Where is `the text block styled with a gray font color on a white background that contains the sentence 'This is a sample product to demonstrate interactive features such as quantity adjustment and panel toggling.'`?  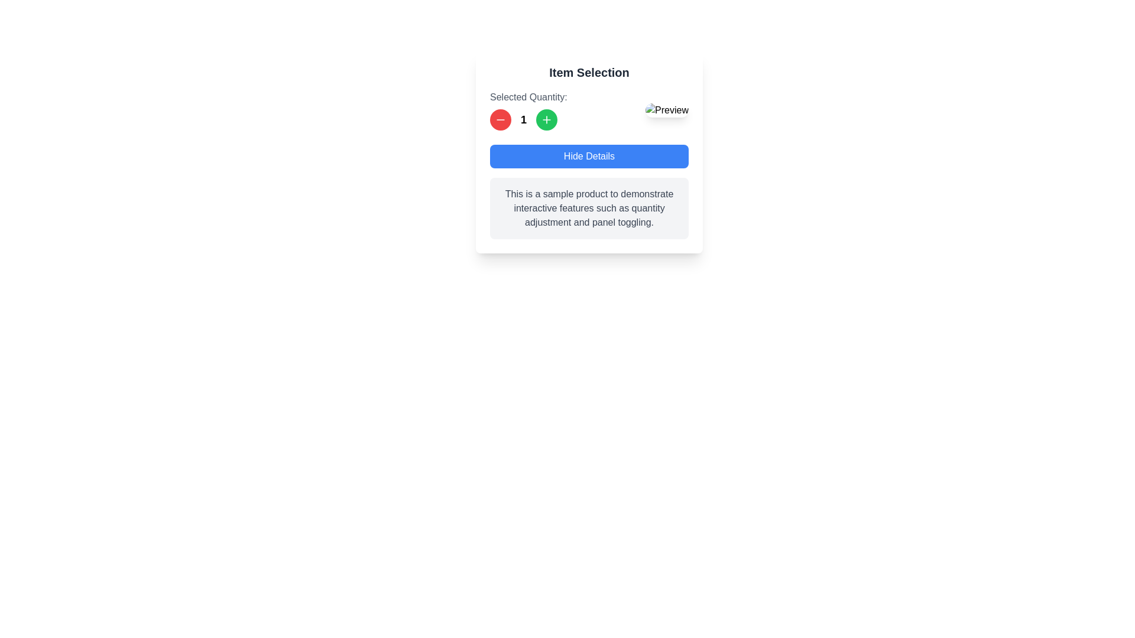
the text block styled with a gray font color on a white background that contains the sentence 'This is a sample product to demonstrate interactive features such as quantity adjustment and panel toggling.' is located at coordinates (589, 208).